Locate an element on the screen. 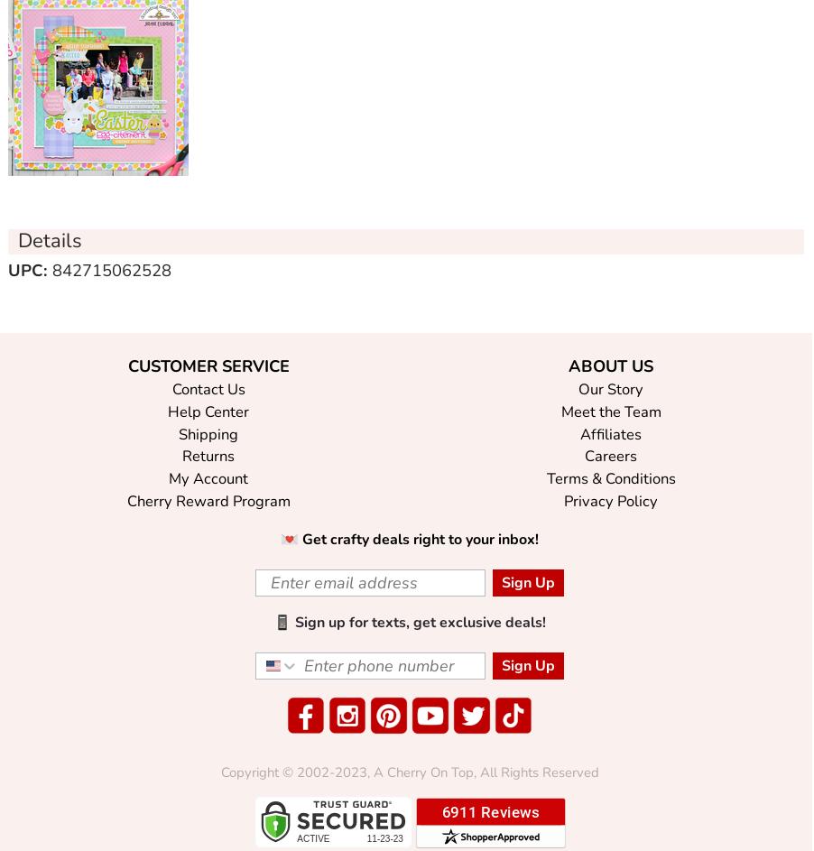  'Cherry Reward Program' is located at coordinates (208, 501).